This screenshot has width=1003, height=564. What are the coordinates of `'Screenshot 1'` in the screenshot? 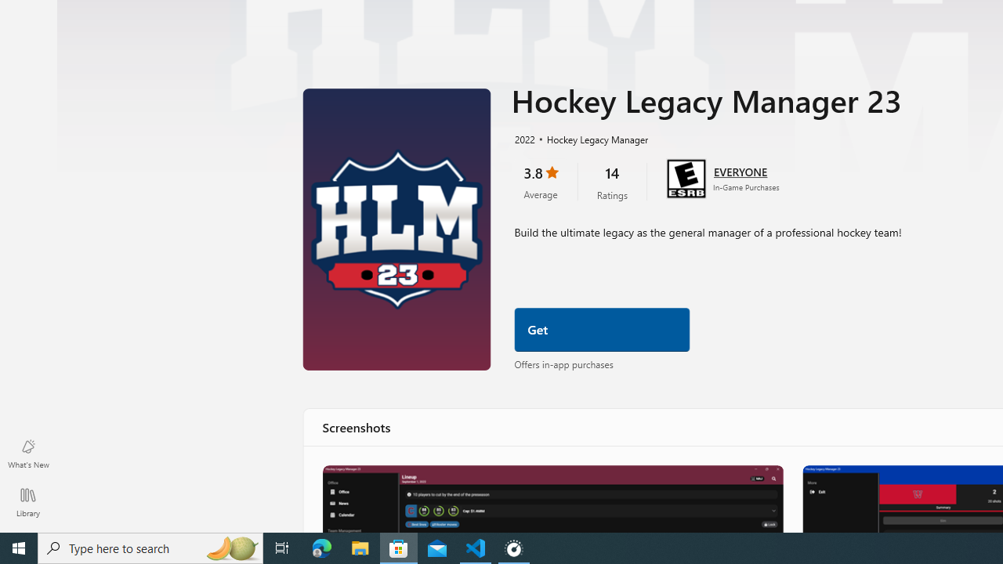 It's located at (552, 498).